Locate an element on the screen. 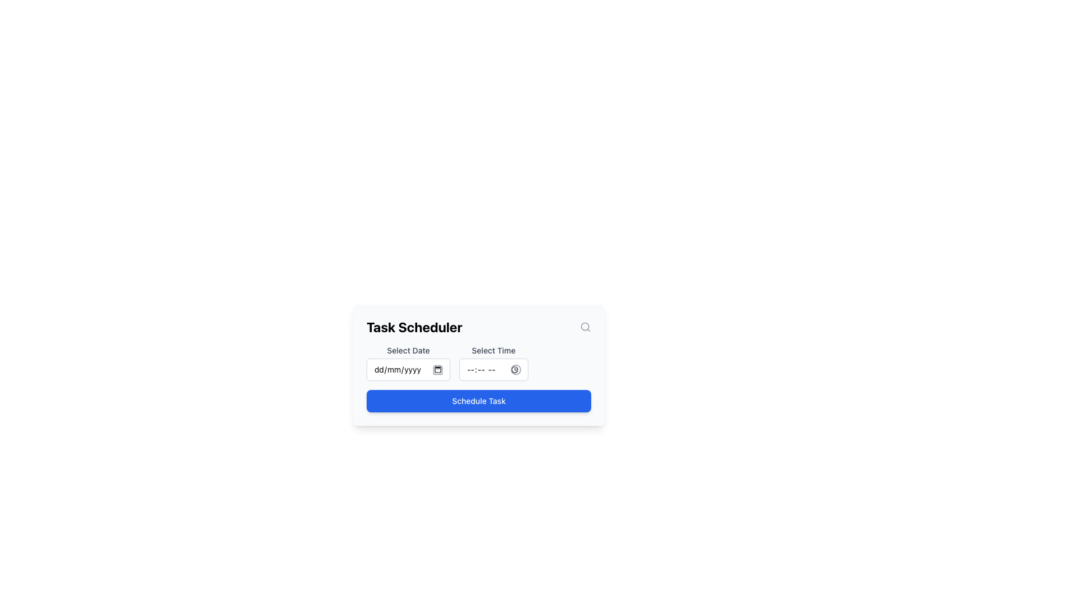  the minimalist clock icon located to the right of the time selection input box is located at coordinates (515, 370).